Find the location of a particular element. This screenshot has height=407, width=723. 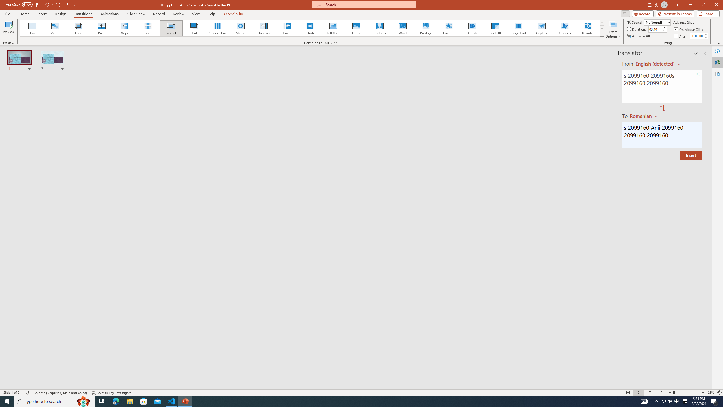

'Fracture' is located at coordinates (449, 28).